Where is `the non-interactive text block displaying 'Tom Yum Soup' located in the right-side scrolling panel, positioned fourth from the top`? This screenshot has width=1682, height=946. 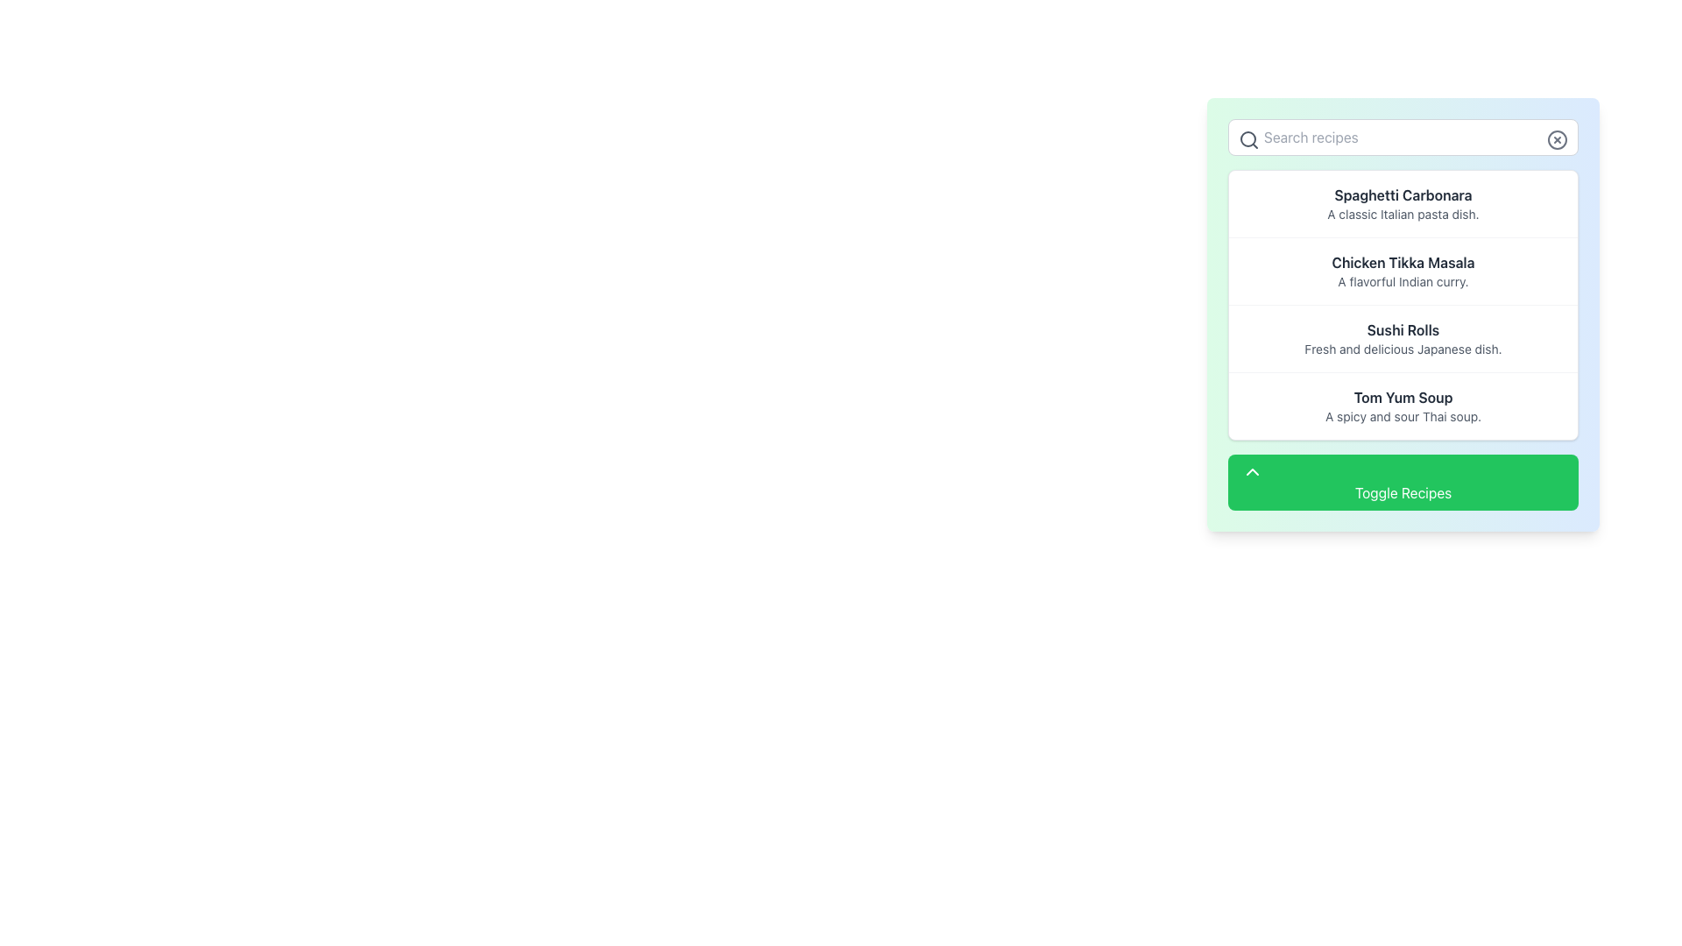 the non-interactive text block displaying 'Tom Yum Soup' located in the right-side scrolling panel, positioned fourth from the top is located at coordinates (1403, 405).